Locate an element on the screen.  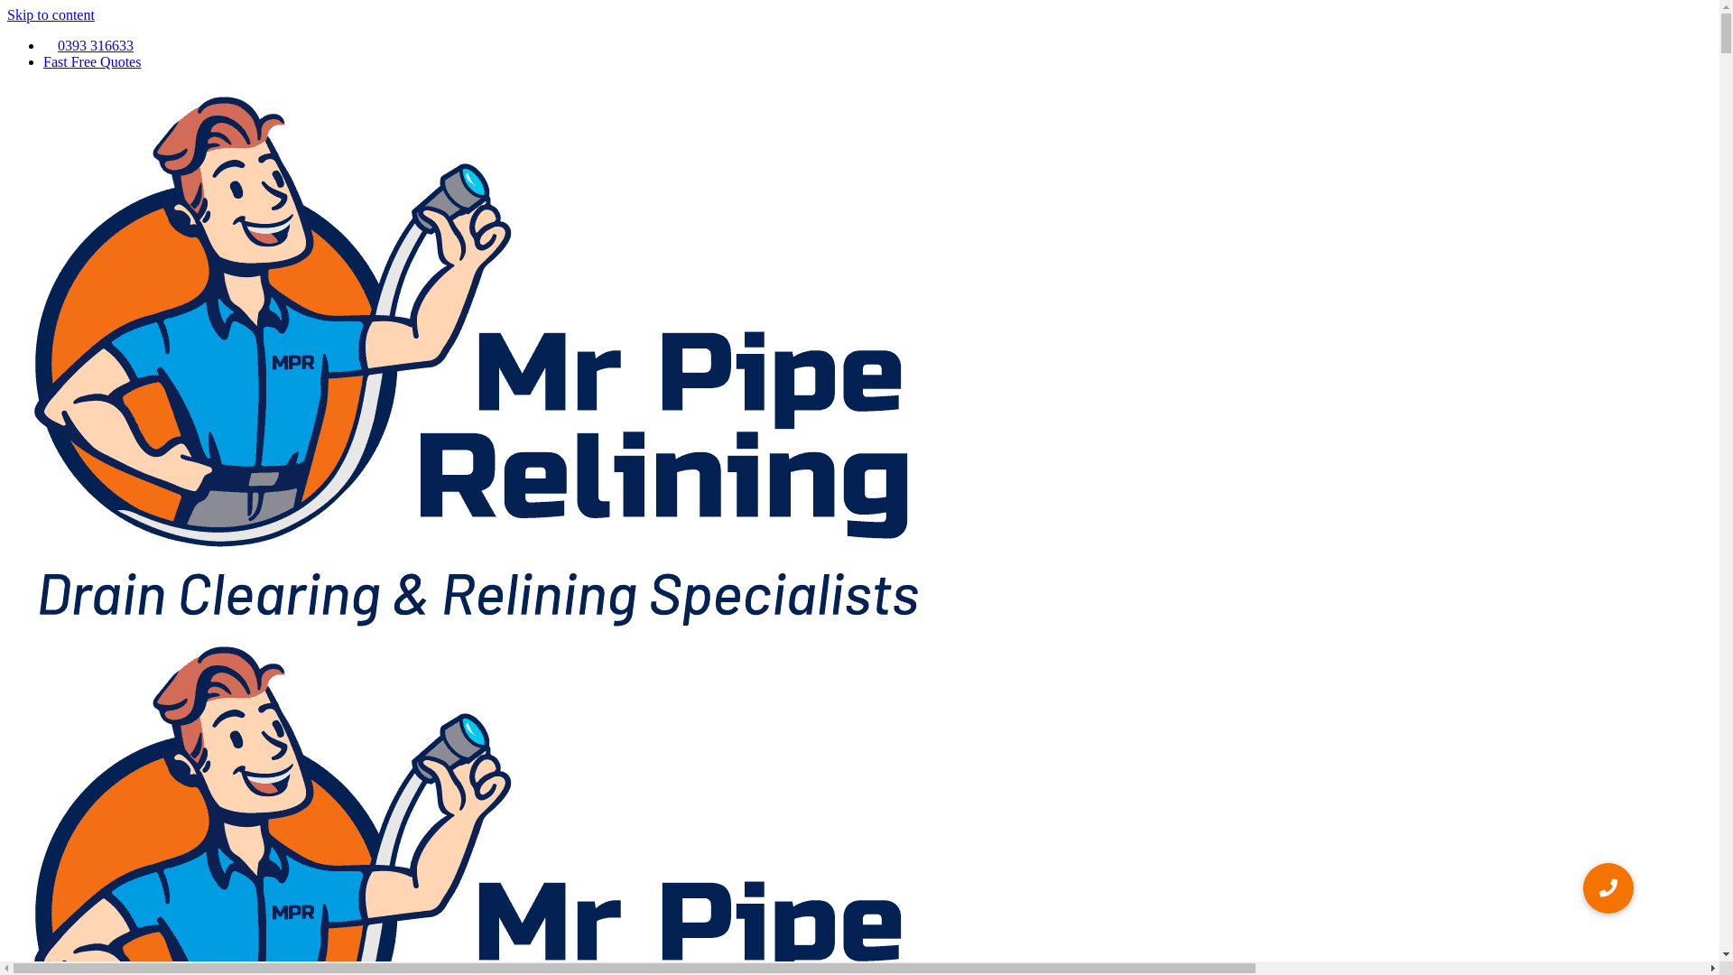
'0393 316633' is located at coordinates (87, 44).